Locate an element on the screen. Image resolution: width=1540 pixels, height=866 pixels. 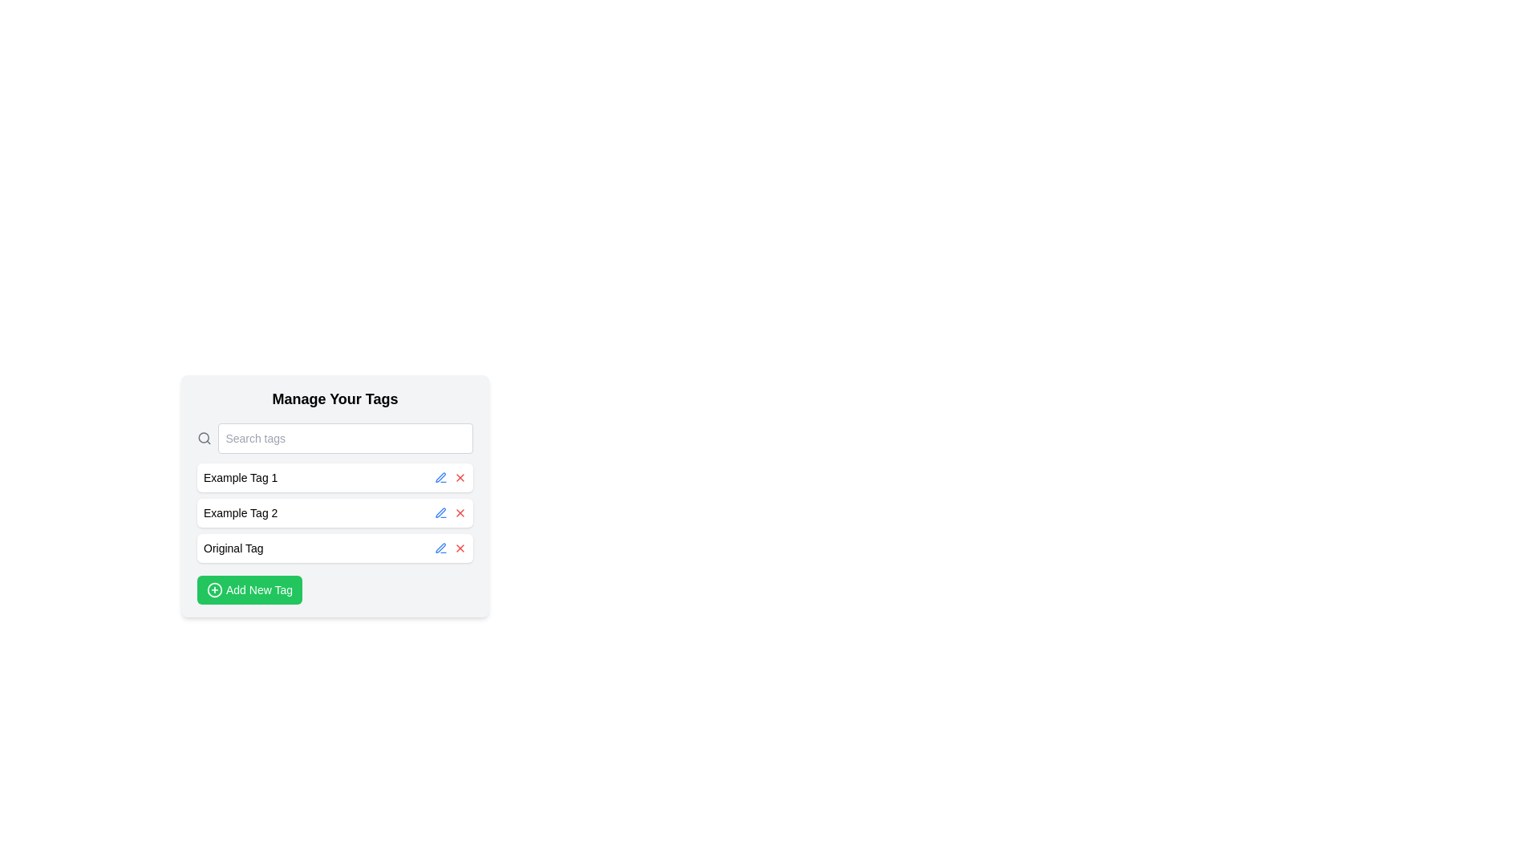
the magnifying glass icon located at the far left side of the search bar, before the 'Search tags' text input field is located at coordinates (204, 439).